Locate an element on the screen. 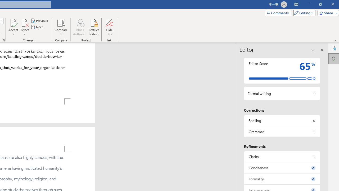 The width and height of the screenshot is (339, 191). 'Formality, 0 issues. Press space or enter to review items.' is located at coordinates (282, 179).